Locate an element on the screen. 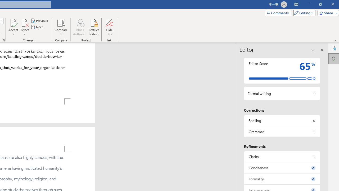 The width and height of the screenshot is (339, 191). 'Formality, 0 issues. Press space or enter to review items.' is located at coordinates (282, 179).